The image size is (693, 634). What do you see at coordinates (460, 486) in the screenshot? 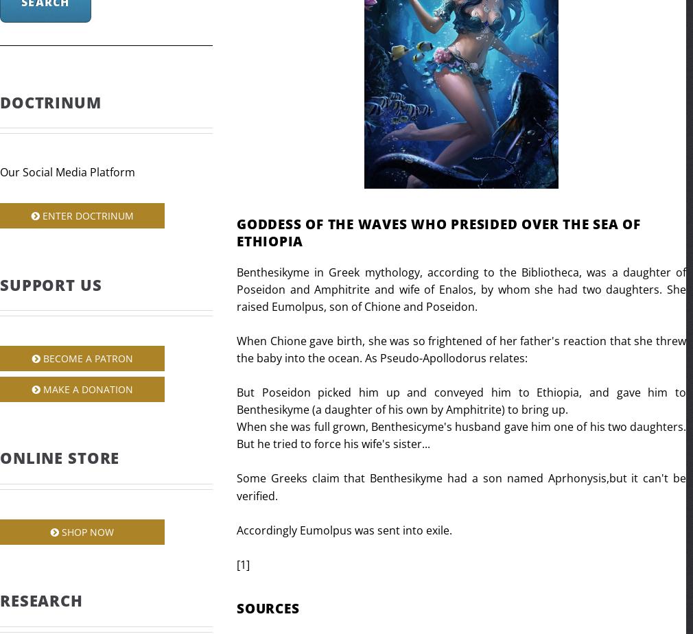
I see `'Some Greeks claim that Benthesikyme had a son named Aprhonysis,but it can't be verified.'` at bounding box center [460, 486].